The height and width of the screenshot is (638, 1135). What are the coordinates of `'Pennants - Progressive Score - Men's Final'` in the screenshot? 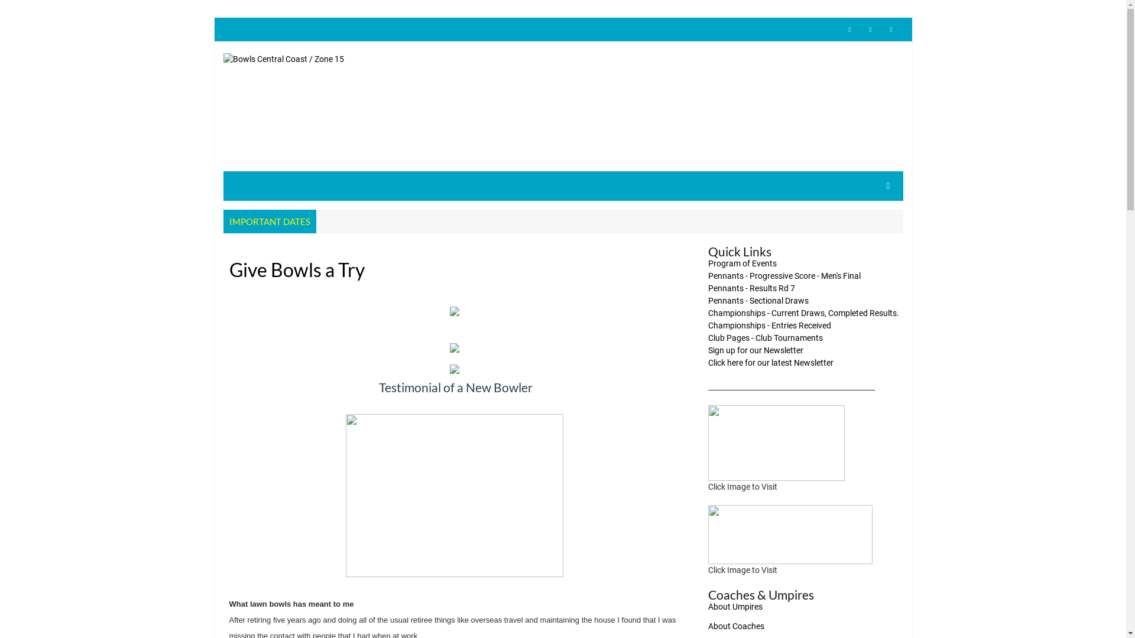 It's located at (708, 275).